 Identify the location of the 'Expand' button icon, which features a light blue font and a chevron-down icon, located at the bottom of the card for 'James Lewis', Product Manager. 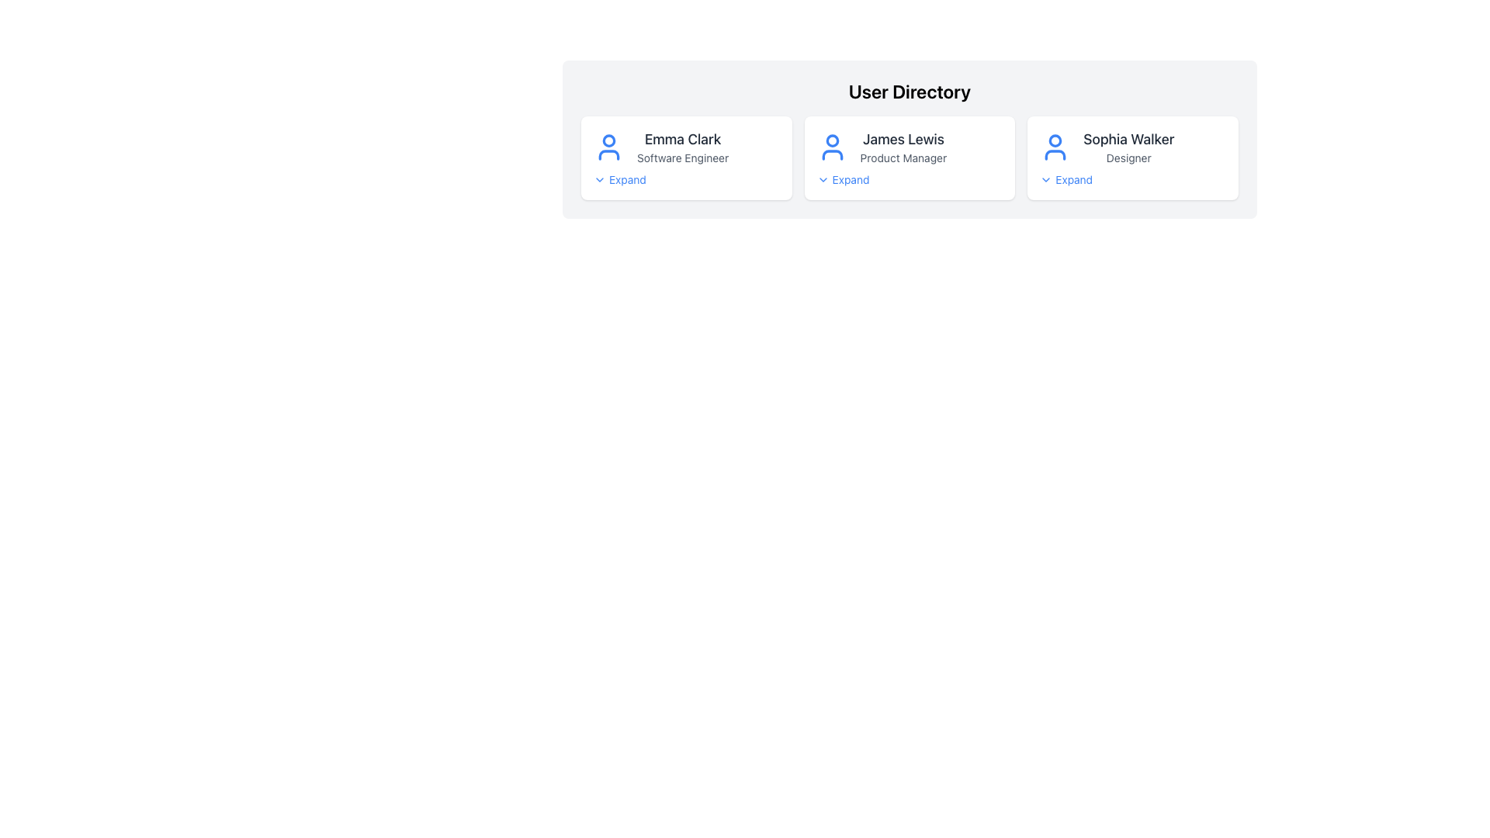
(842, 178).